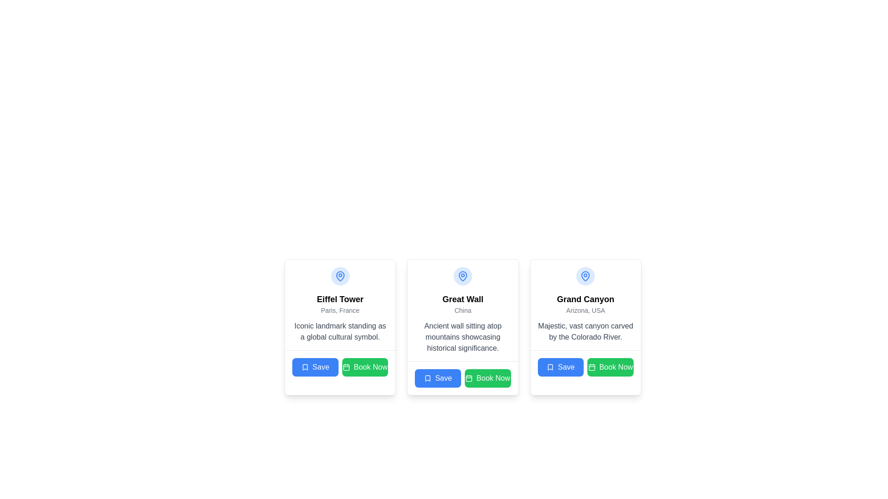  I want to click on the descriptive text element located in the bottom section of the middle card, which provides information about the Great Wall, so click(462, 337).